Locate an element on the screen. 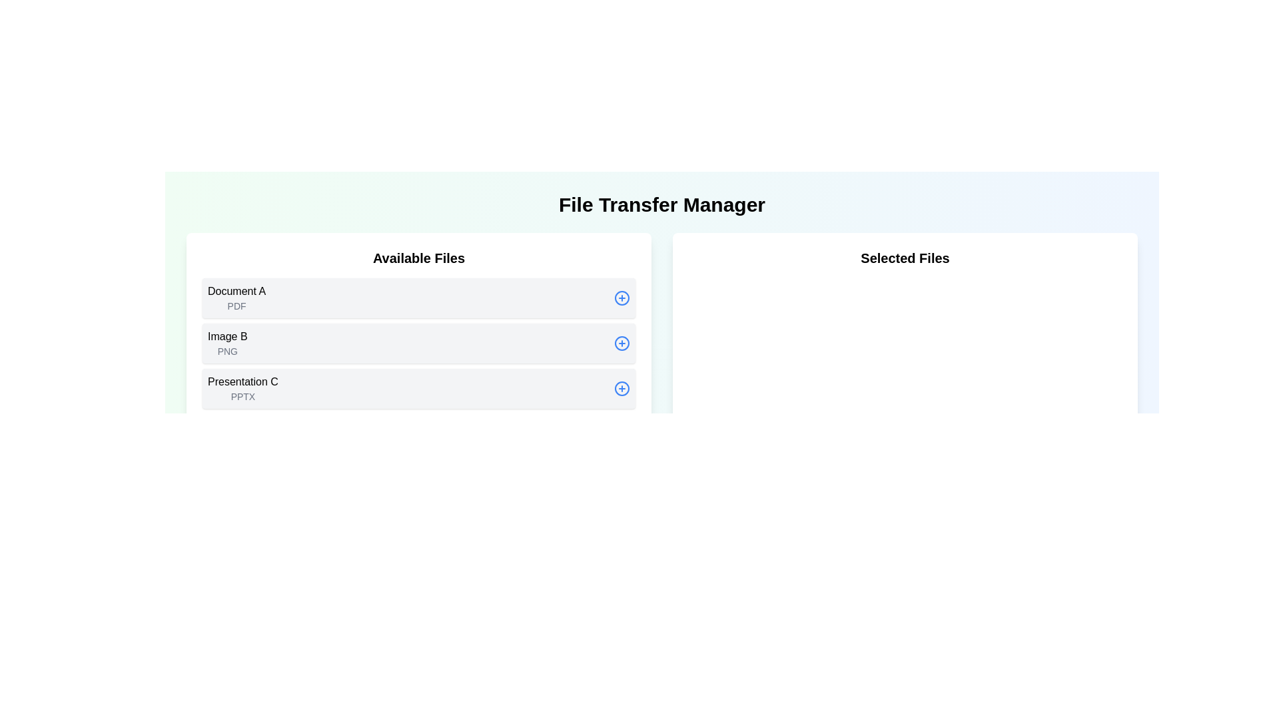 The image size is (1279, 719). text from the heading label located at the top-center of the white rectangular panel above the list of files is located at coordinates (418, 258).